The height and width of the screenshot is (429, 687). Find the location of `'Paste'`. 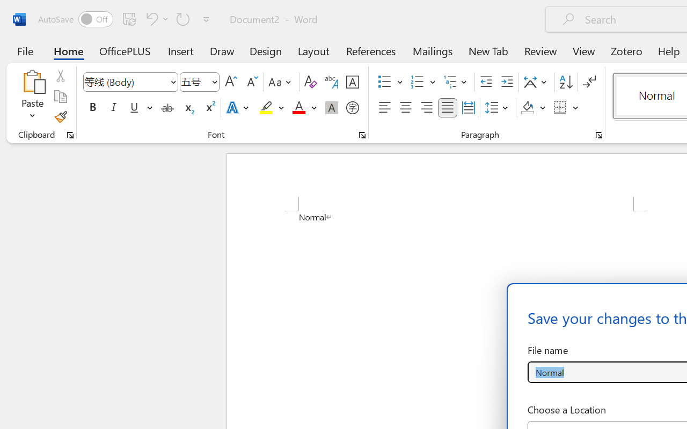

'Paste' is located at coordinates (32, 81).